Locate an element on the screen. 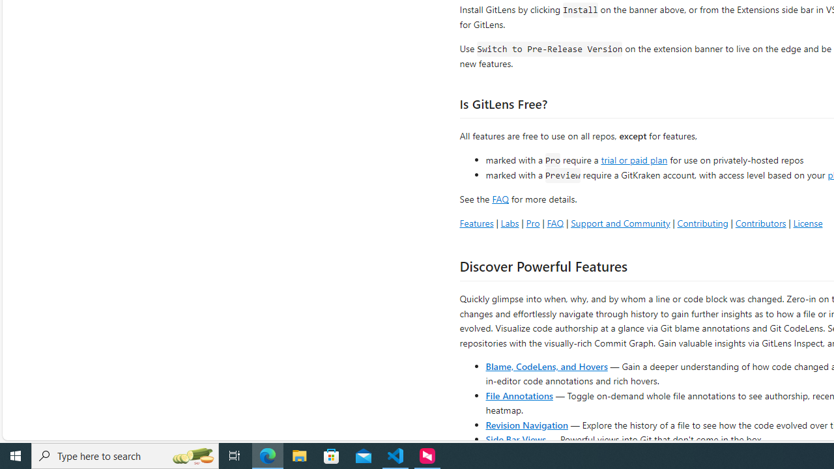  'Support and Community' is located at coordinates (620, 222).